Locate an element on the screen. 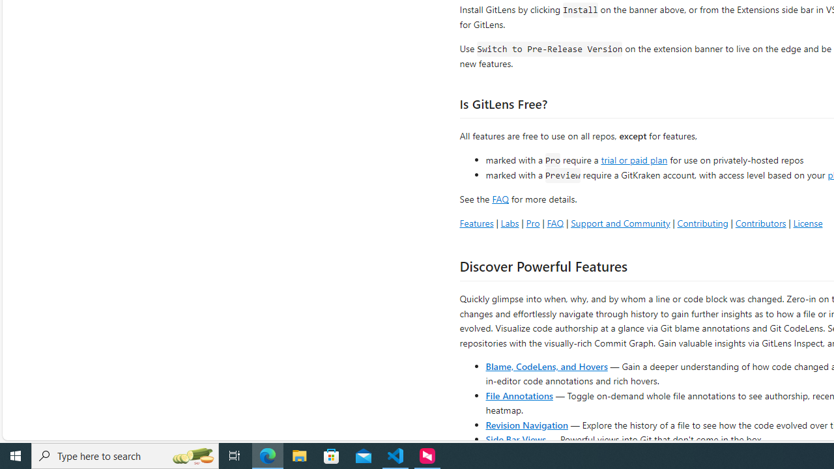  'Support and Community' is located at coordinates (620, 222).